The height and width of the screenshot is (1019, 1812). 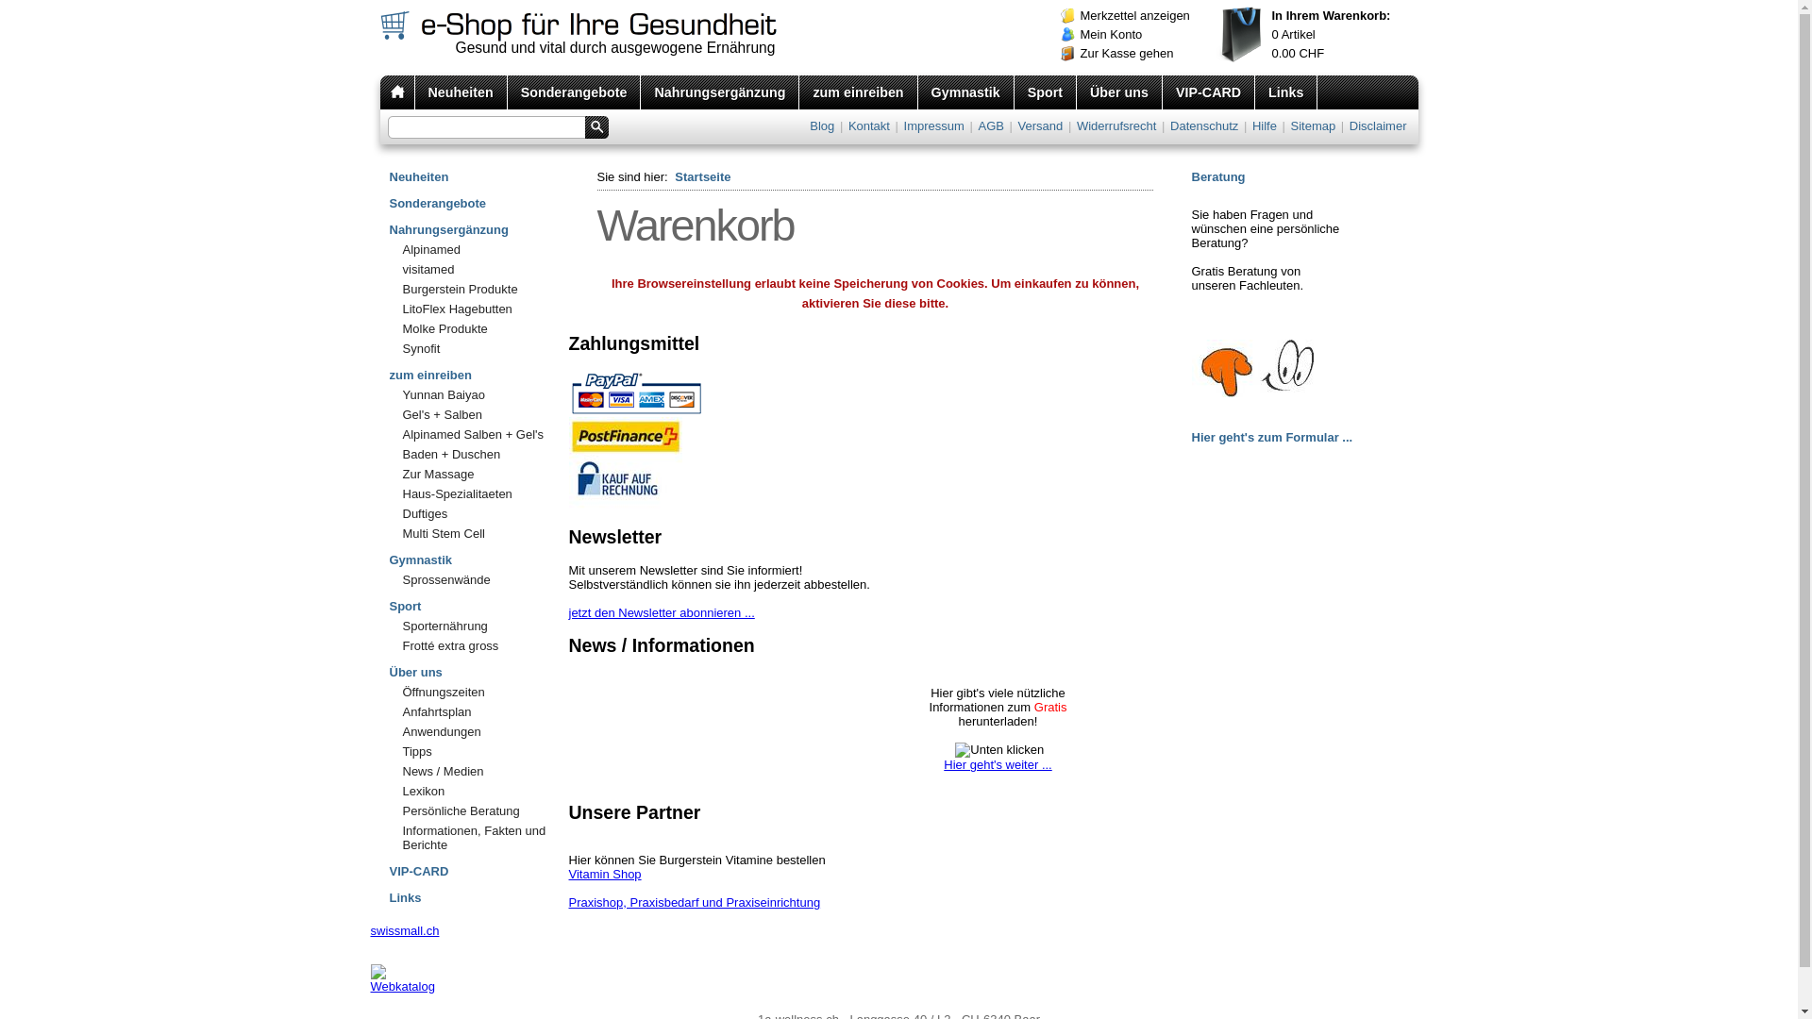 What do you see at coordinates (1142, 15) in the screenshot?
I see `'Merkzettel anzeigen'` at bounding box center [1142, 15].